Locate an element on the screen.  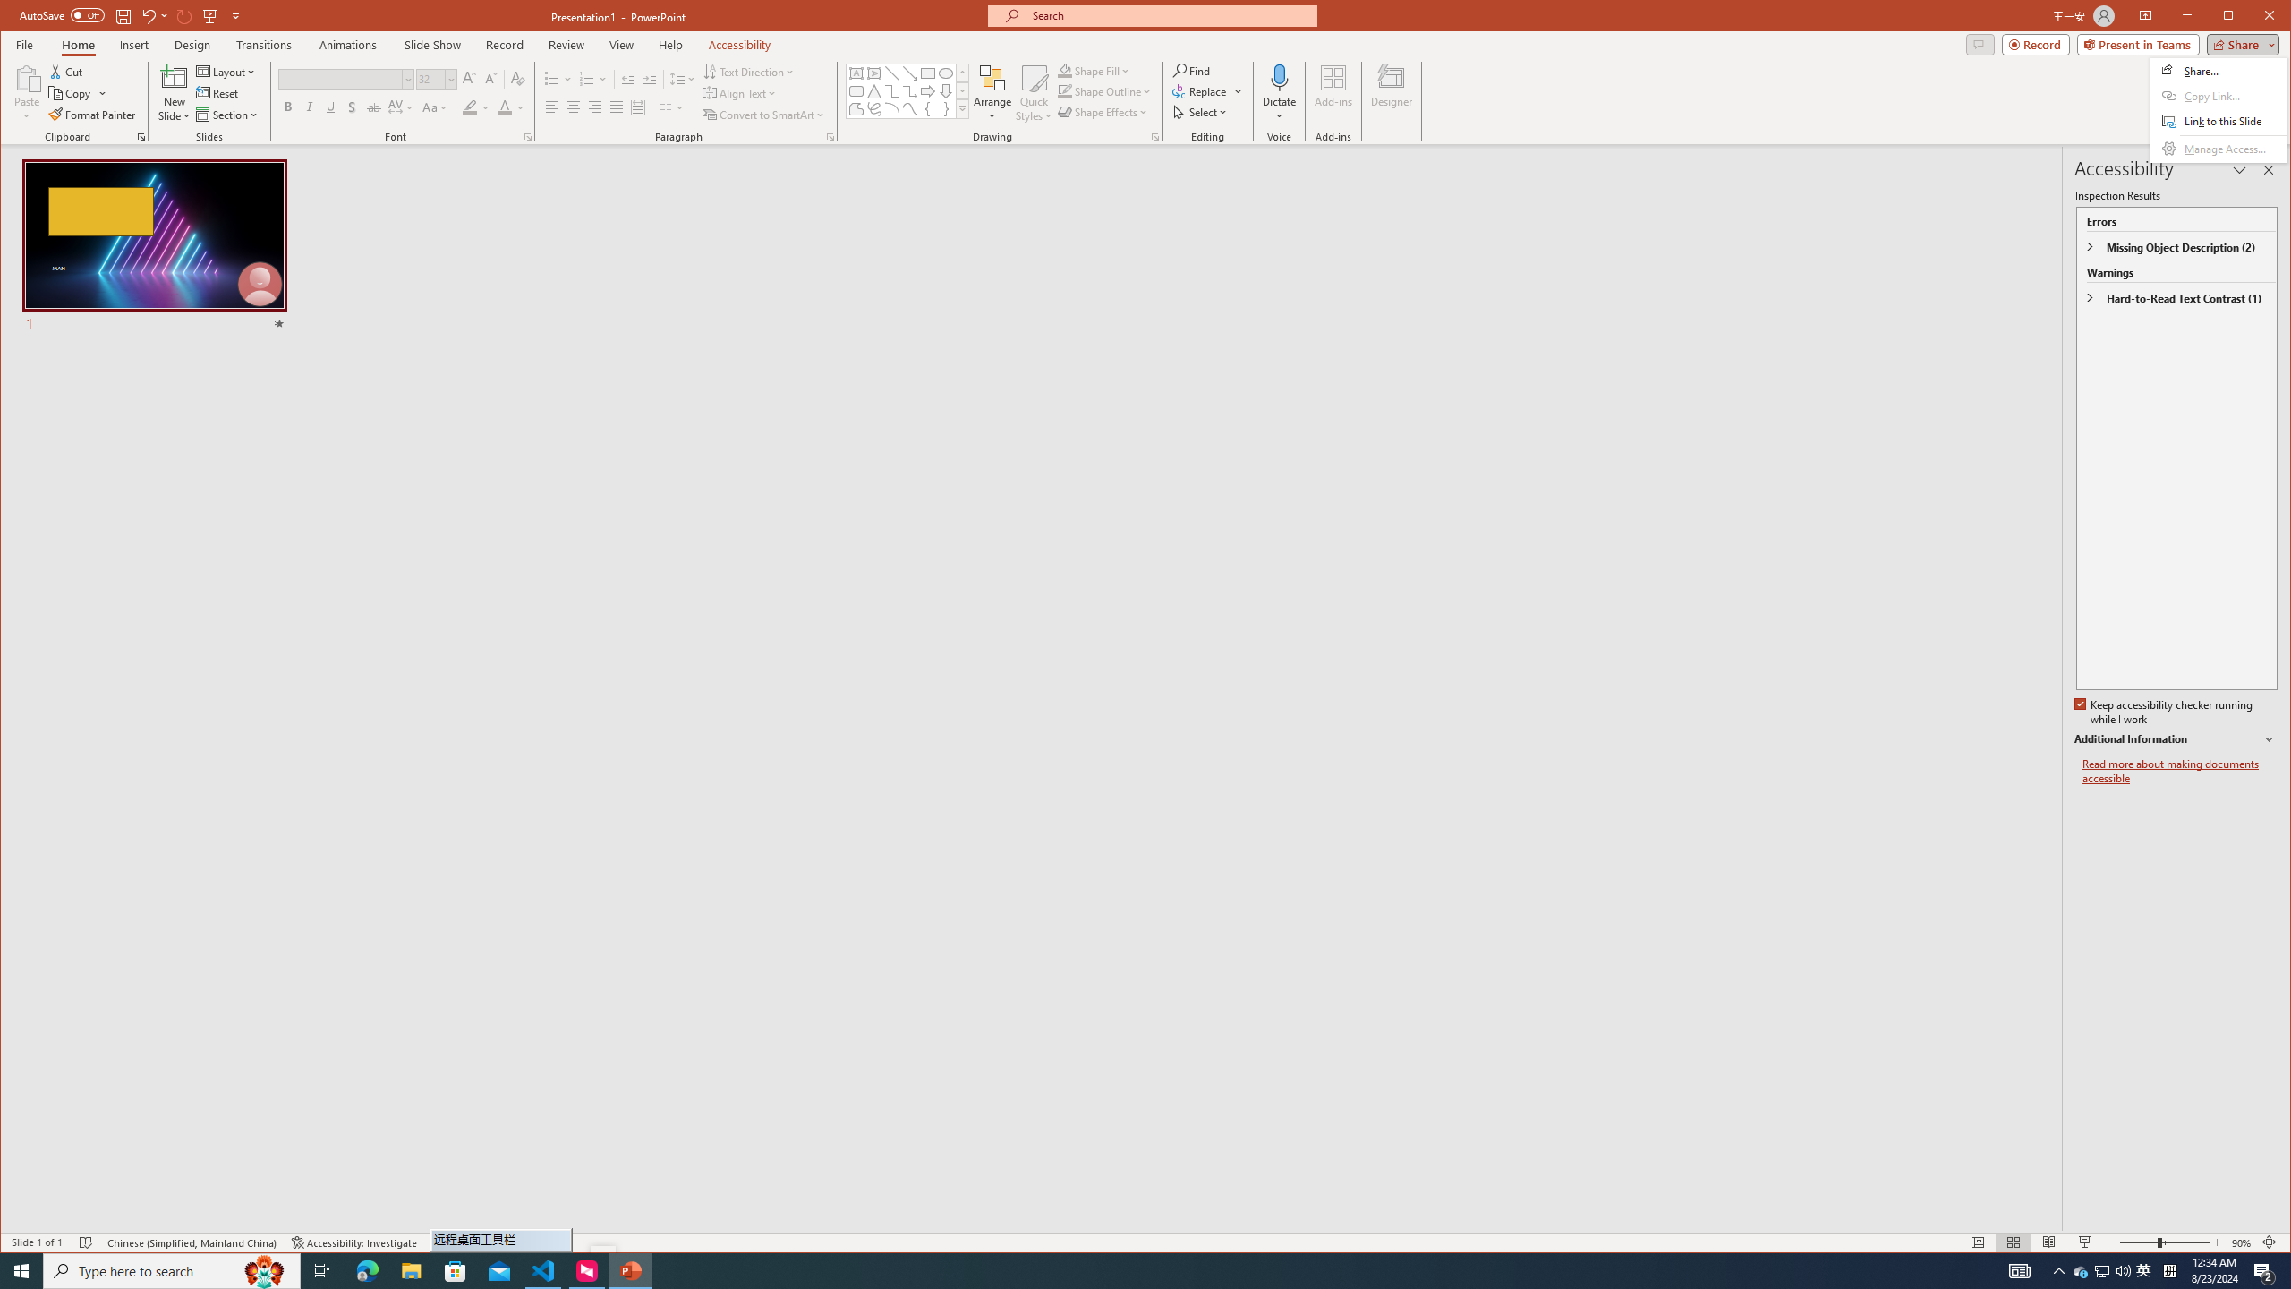
'Strikethrough' is located at coordinates (373, 107).